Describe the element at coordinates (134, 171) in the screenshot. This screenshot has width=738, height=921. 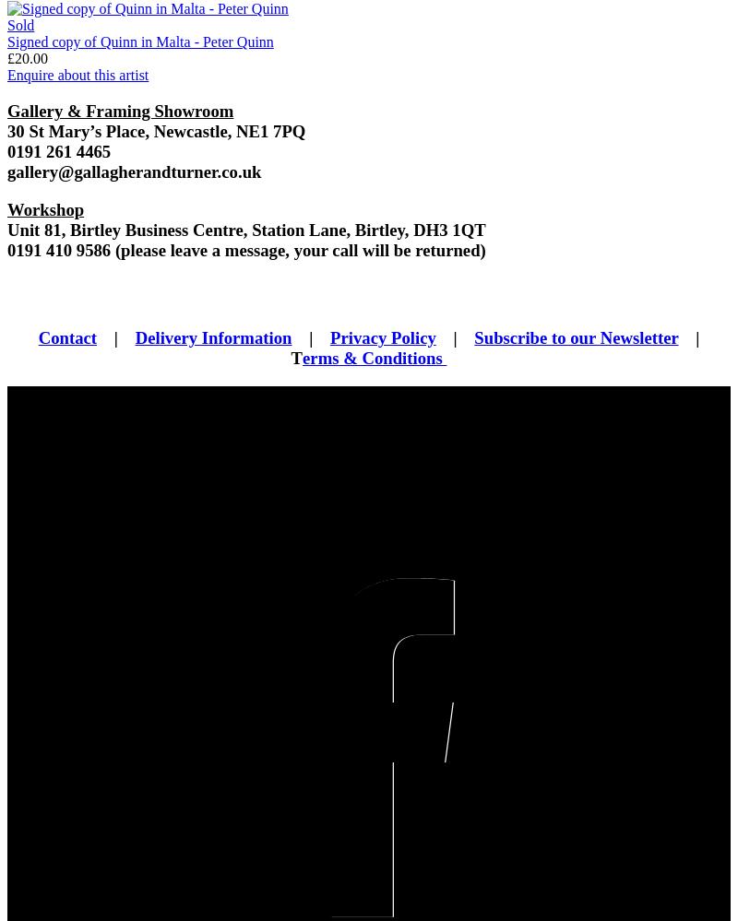
I see `'gallery@gallagherandturner.co.uk'` at that location.